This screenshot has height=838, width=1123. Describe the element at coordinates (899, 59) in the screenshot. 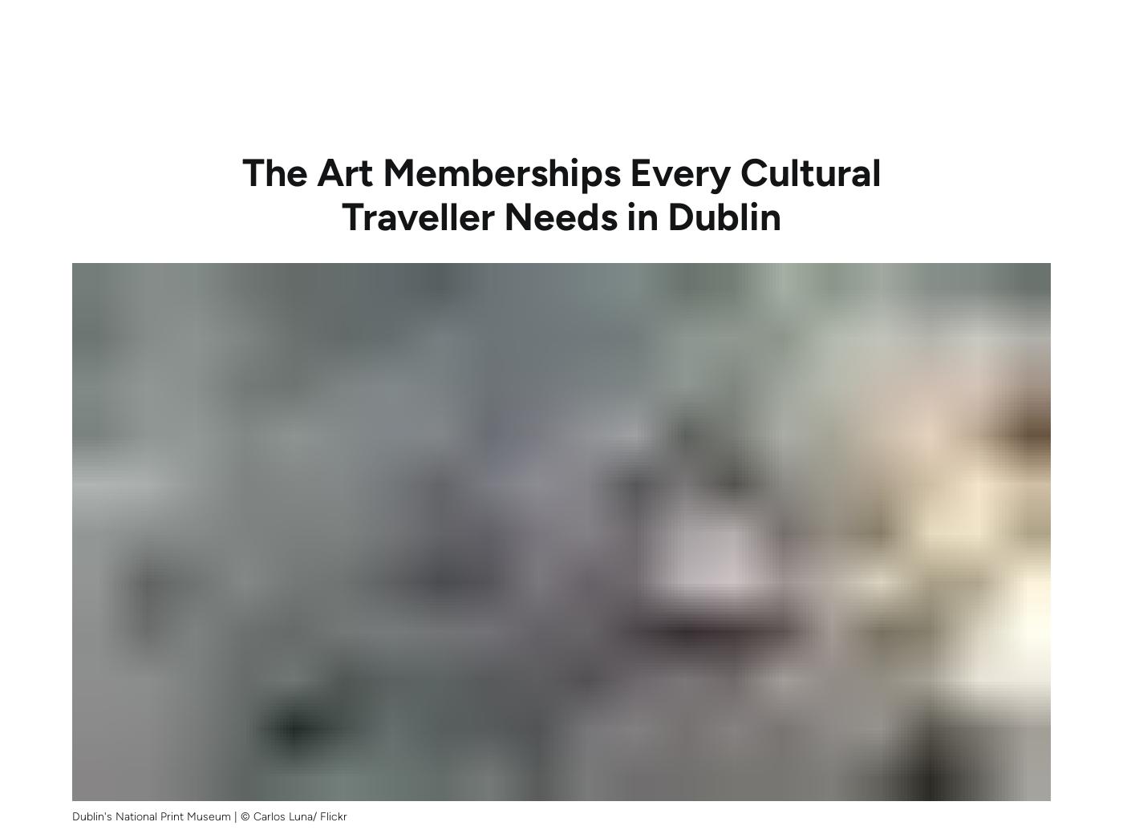

I see `'Guides'` at that location.